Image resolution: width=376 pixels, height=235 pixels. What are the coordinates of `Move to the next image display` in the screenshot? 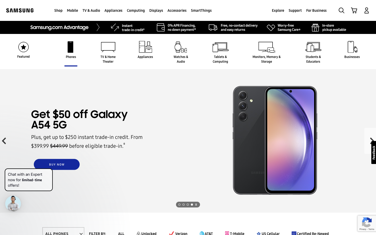 It's located at (196, 204).